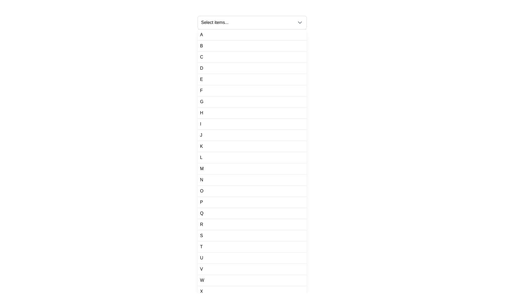  What do you see at coordinates (200, 124) in the screenshot?
I see `the text item represented by the uppercase letter 'I' in the list` at bounding box center [200, 124].